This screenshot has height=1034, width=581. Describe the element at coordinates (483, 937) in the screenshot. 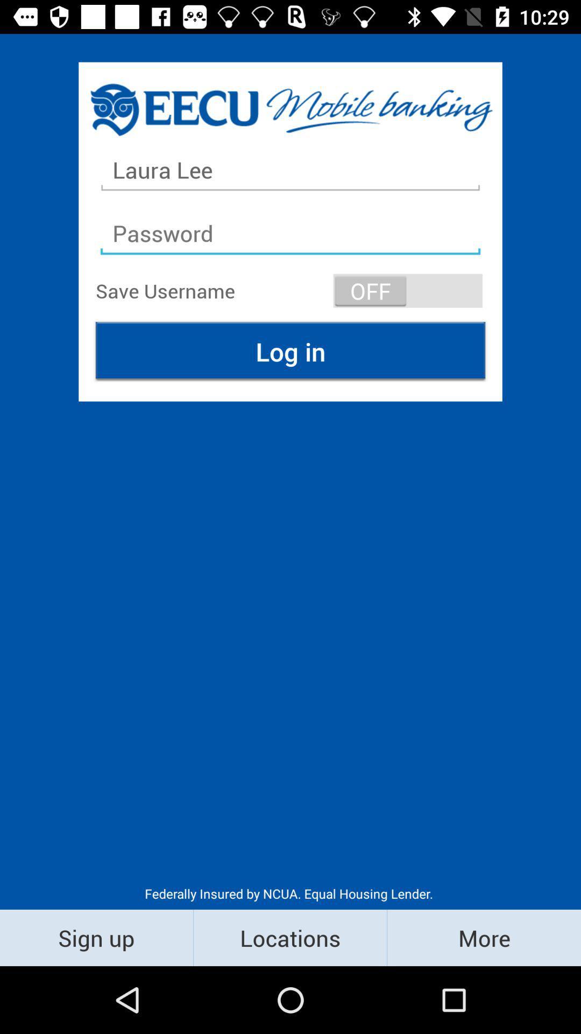

I see `icon below the federally insured by` at that location.